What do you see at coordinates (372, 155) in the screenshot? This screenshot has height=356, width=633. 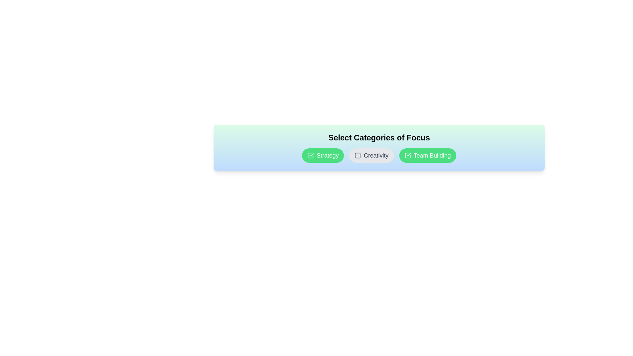 I see `the chip labeled Creativity` at bounding box center [372, 155].